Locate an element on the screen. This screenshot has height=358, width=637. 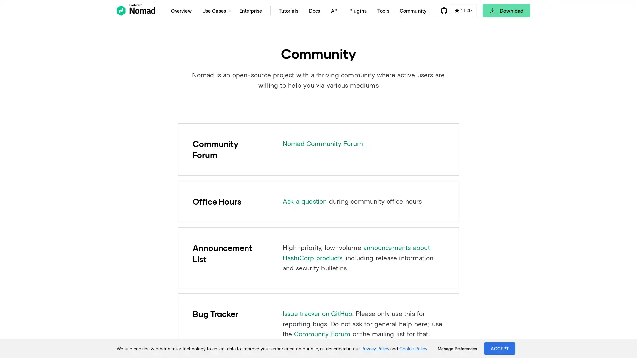
Manage Preferences is located at coordinates (457, 348).